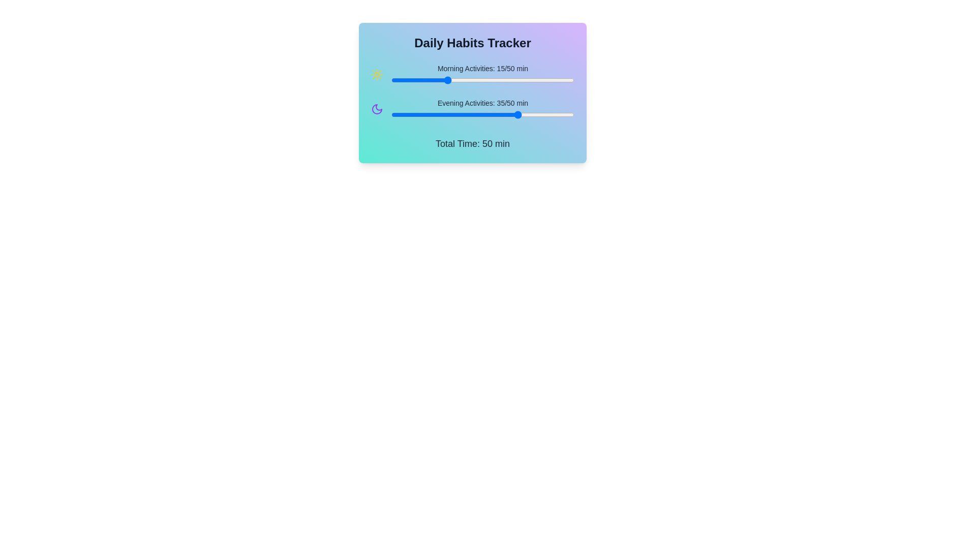 Image resolution: width=976 pixels, height=549 pixels. What do you see at coordinates (566, 114) in the screenshot?
I see `the evening activity time` at bounding box center [566, 114].